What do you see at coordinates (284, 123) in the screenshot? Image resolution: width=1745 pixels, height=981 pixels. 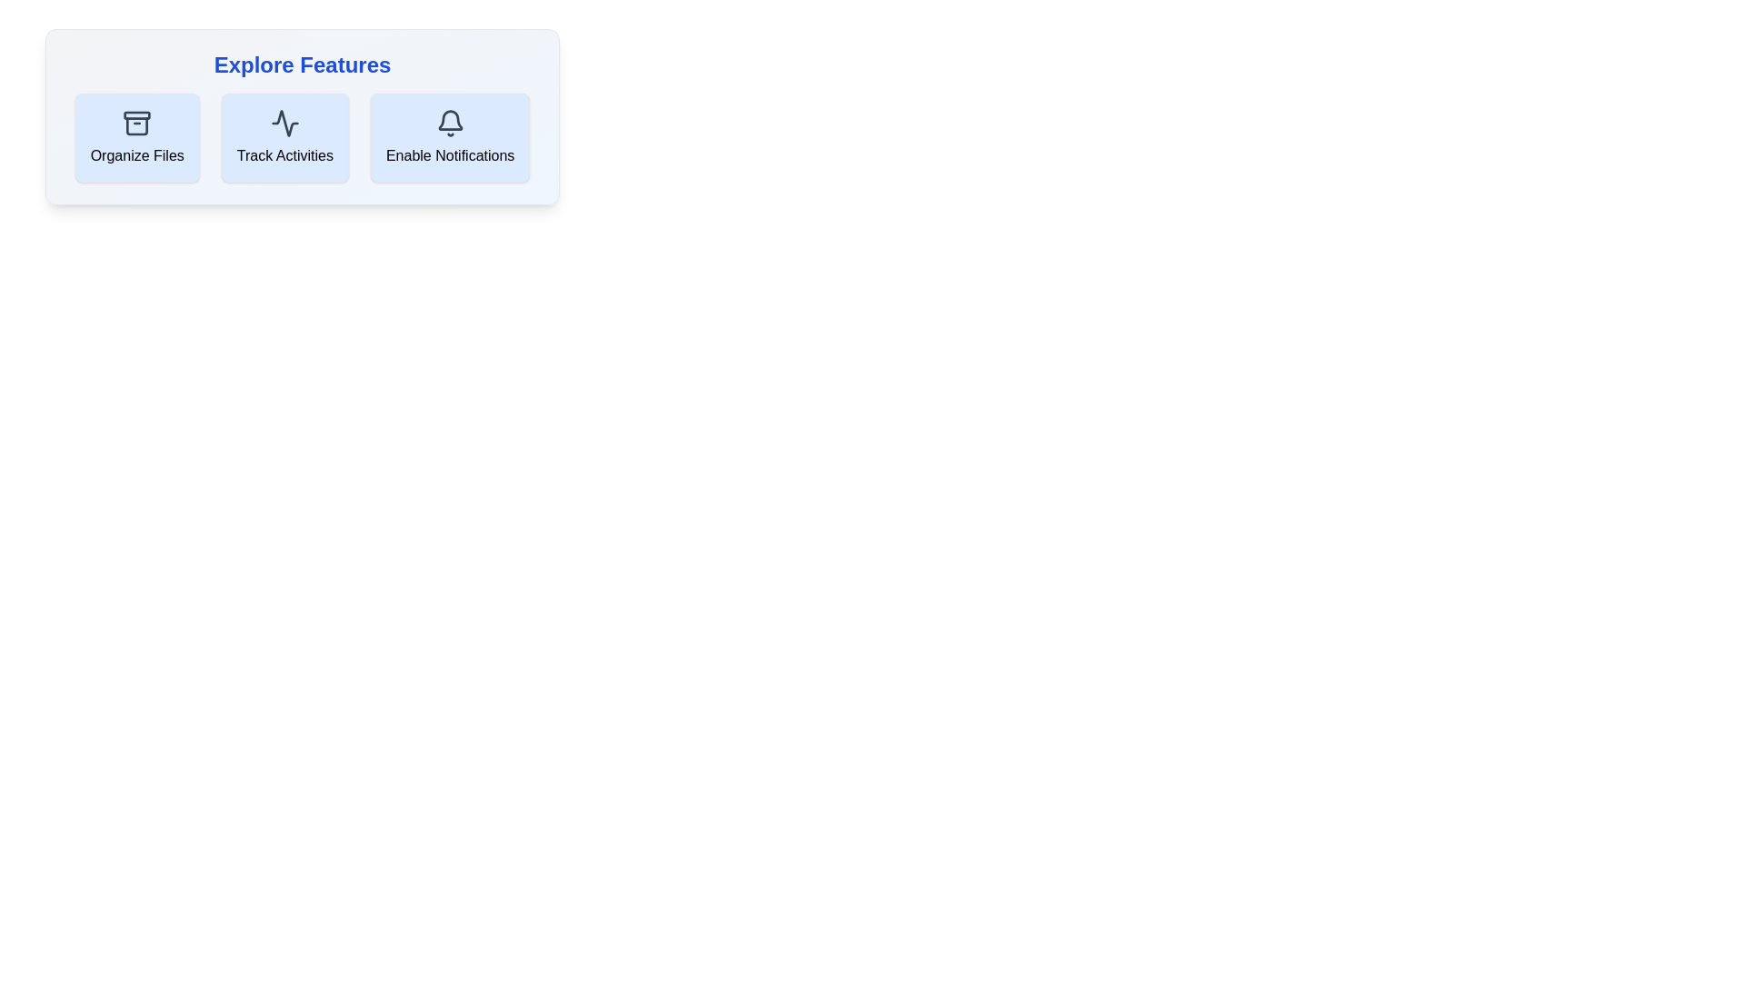 I see `the 'Track Activities' button which contains the SVG icon representing activity tracking` at bounding box center [284, 123].